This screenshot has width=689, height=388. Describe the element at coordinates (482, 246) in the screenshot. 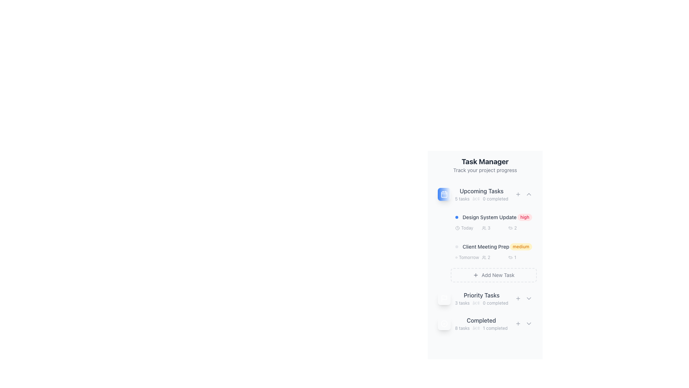

I see `the 'Client Meeting Prep' task display in the 'Upcoming Tasks' section` at that location.